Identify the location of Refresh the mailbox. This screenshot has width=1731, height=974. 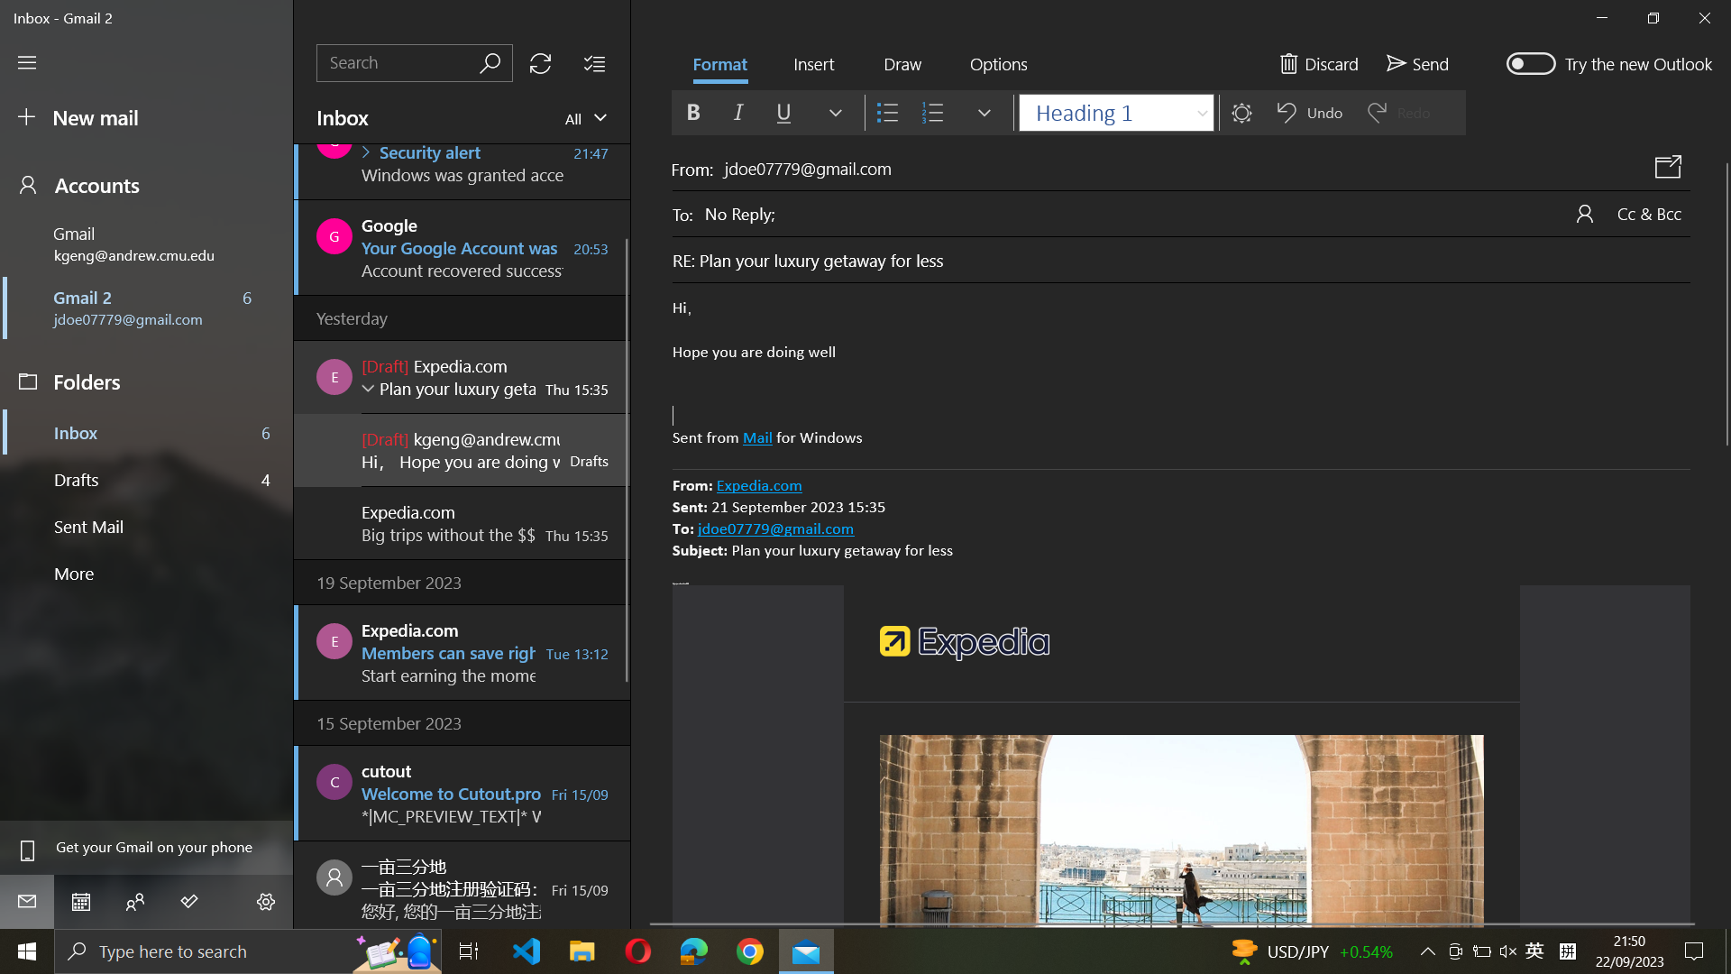
(539, 62).